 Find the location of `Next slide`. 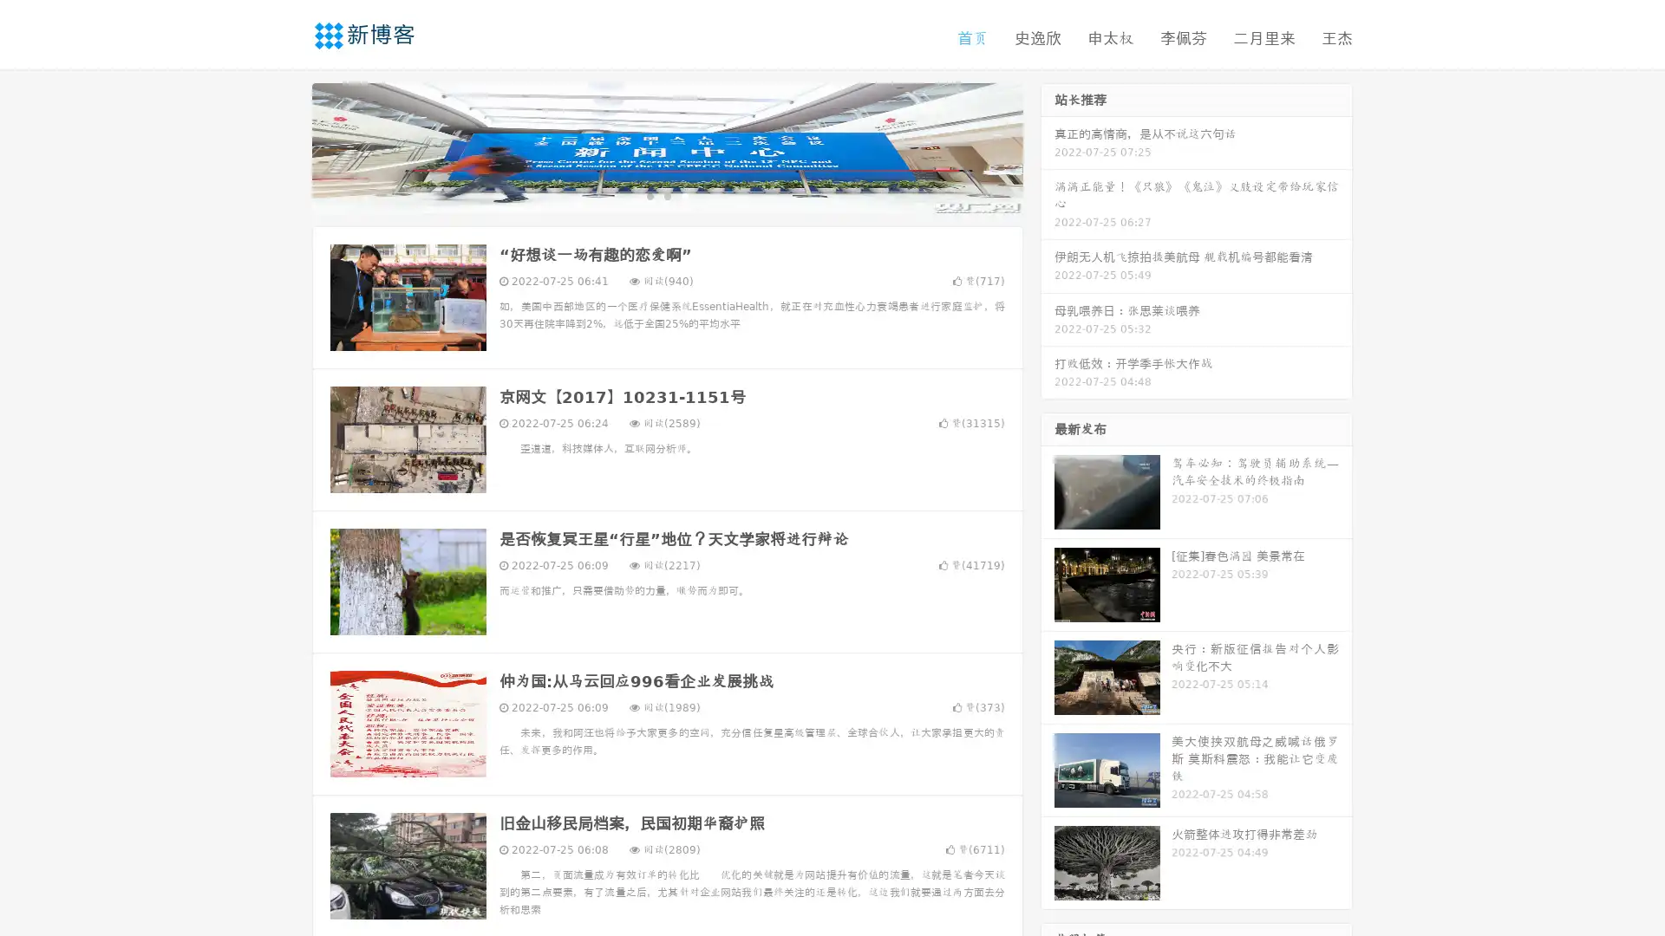

Next slide is located at coordinates (1048, 146).